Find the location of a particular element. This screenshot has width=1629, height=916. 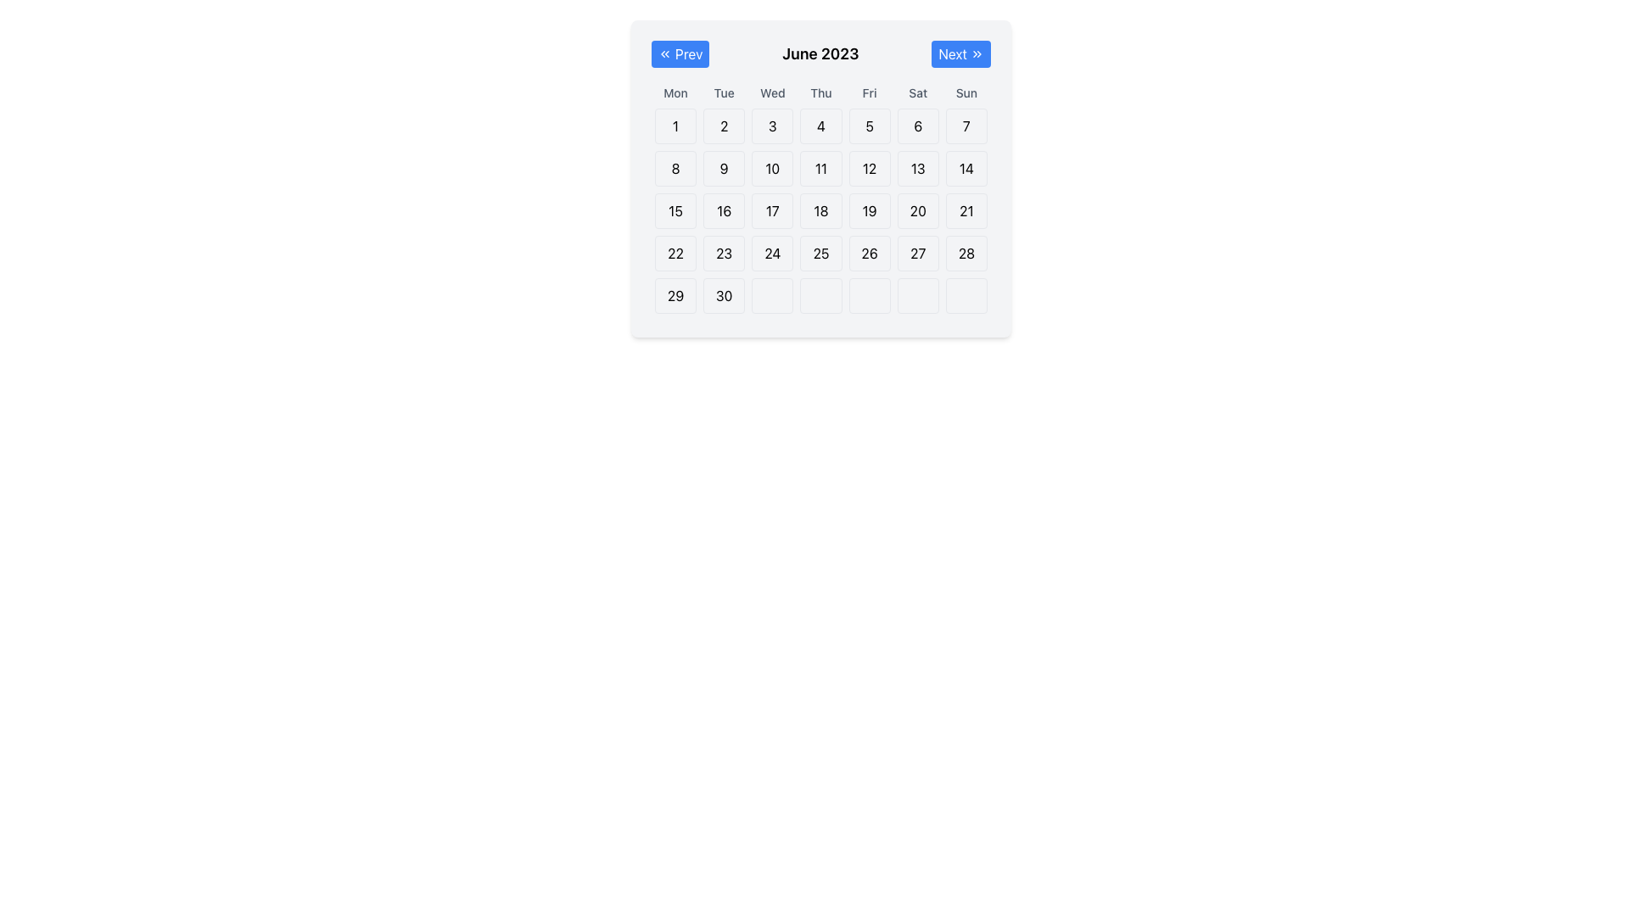

the button labeled '6' in the bottom-right quadrant of the calendar interface is located at coordinates (917, 126).